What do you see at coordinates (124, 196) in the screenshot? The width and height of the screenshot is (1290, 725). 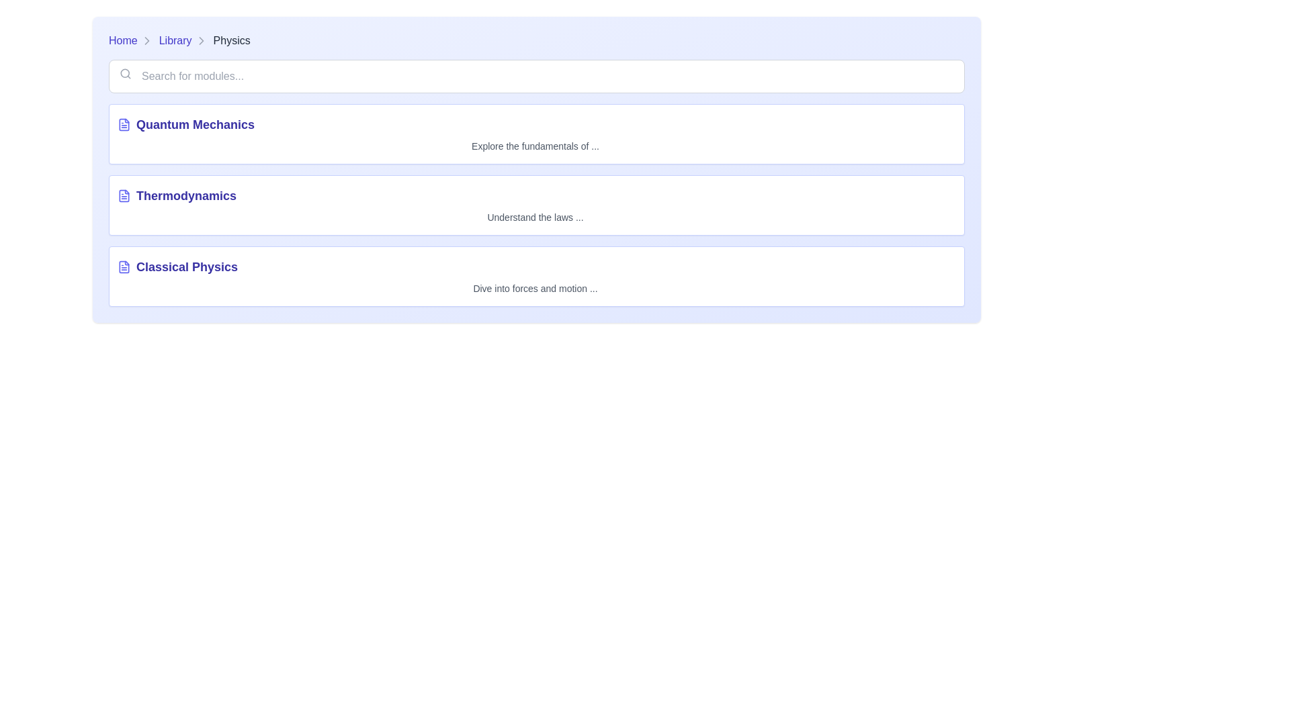 I see `the Thermodynamics icon` at bounding box center [124, 196].